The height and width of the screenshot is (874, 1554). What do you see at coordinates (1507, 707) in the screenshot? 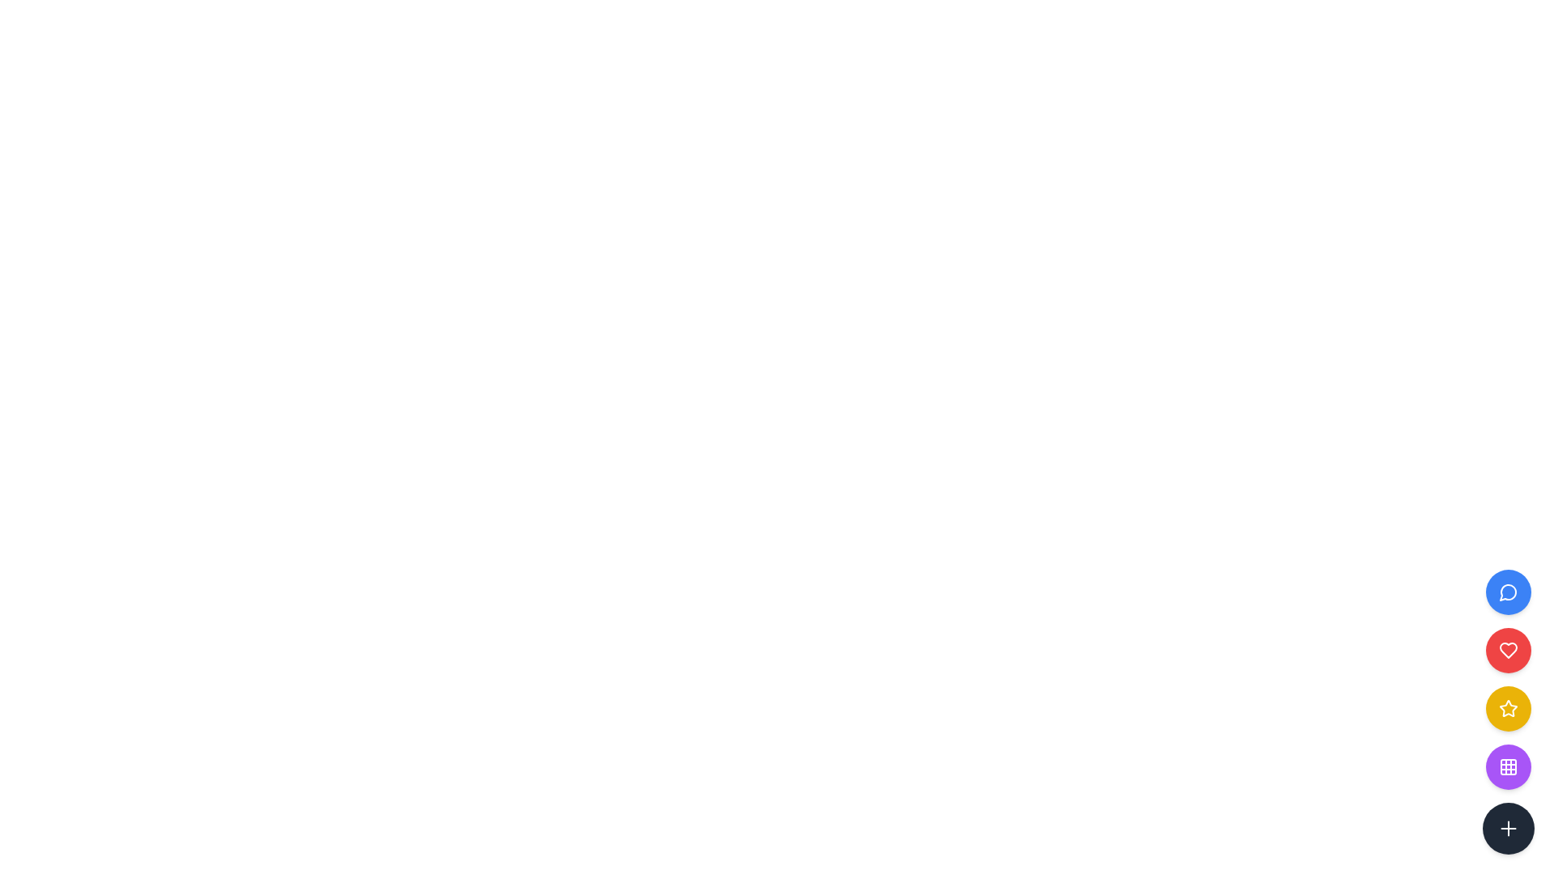
I see `the star-shaped icon button with a yellow background, which is located third from the top in a vertical row of icons on the right side of the interface` at bounding box center [1507, 707].